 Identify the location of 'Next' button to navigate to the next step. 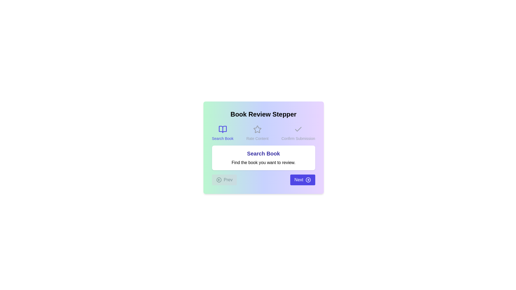
(303, 180).